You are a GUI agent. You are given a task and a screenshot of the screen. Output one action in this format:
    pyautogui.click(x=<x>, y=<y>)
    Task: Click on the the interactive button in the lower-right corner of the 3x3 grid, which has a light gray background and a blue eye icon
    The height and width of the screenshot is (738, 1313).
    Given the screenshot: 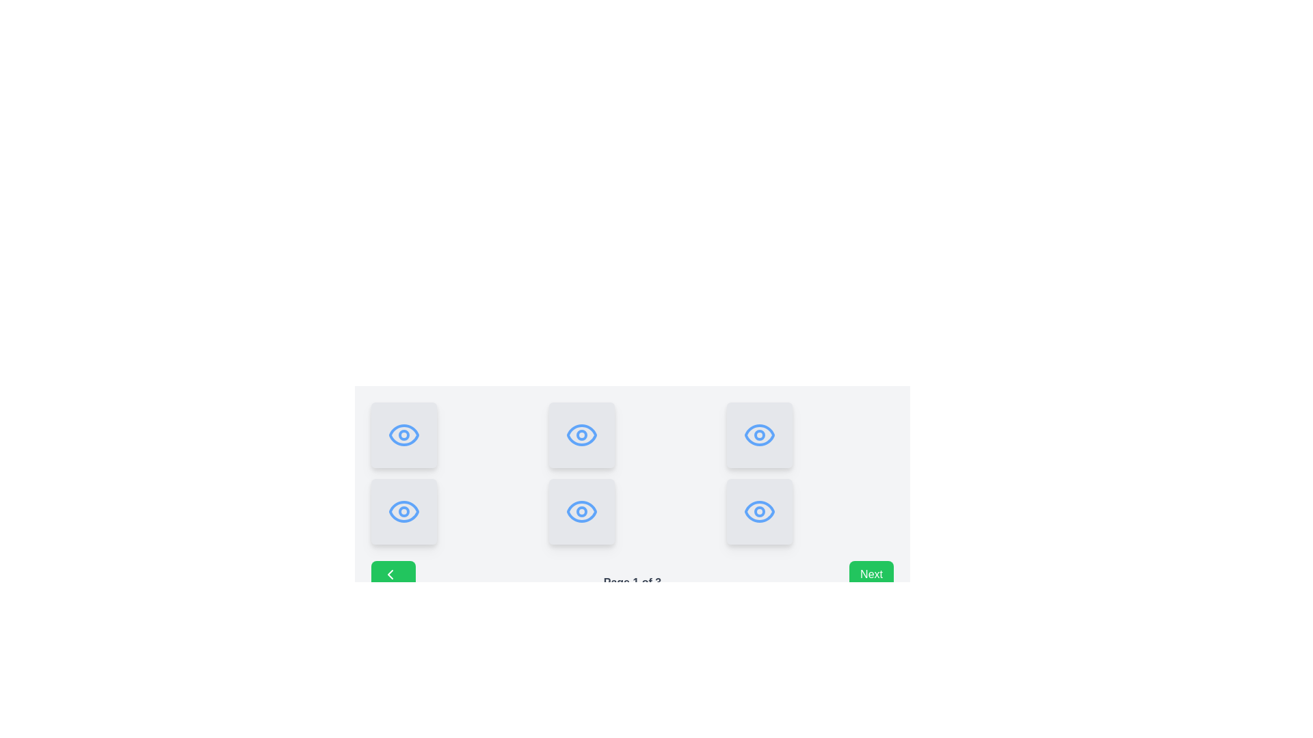 What is the action you would take?
    pyautogui.click(x=758, y=511)
    